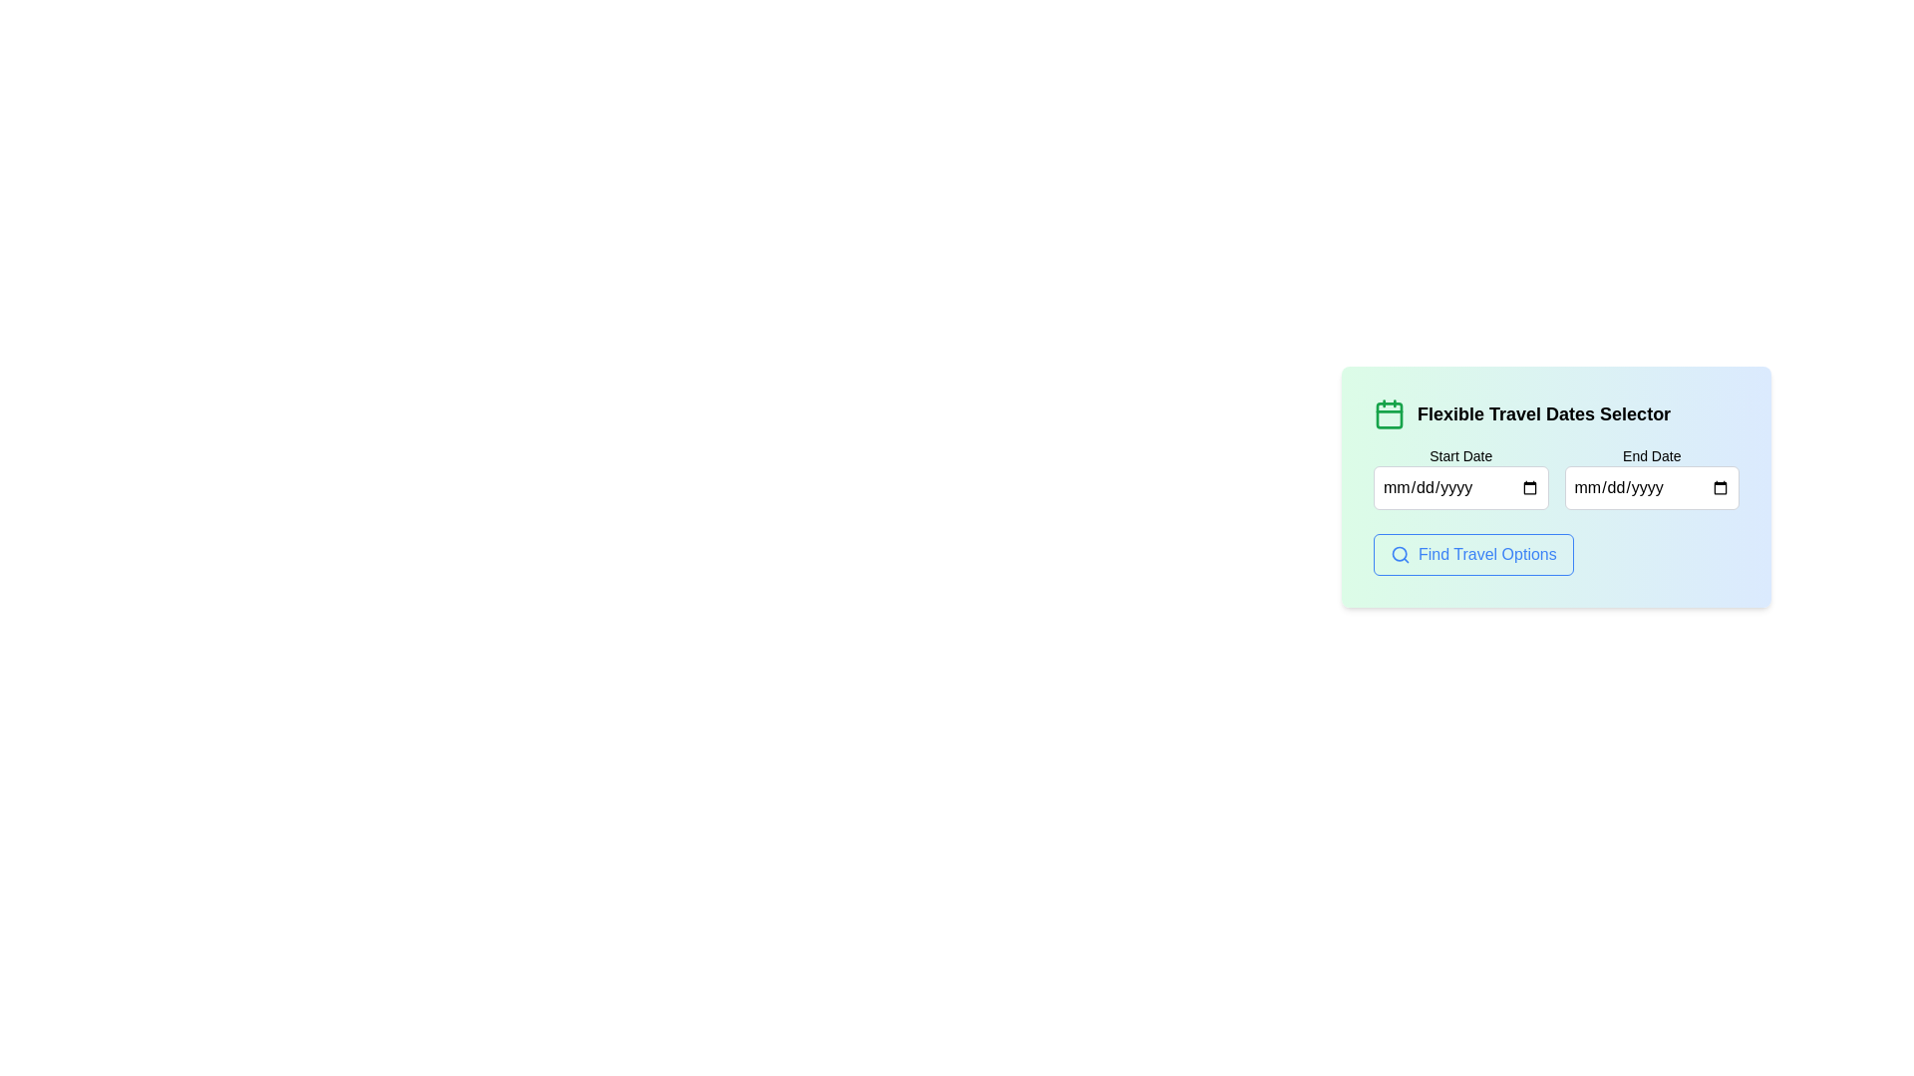 The image size is (1914, 1076). I want to click on the 'Start Date' text label, which is displayed in bold and is positioned above the date input field in the left column of the date selection section, so click(1460, 456).